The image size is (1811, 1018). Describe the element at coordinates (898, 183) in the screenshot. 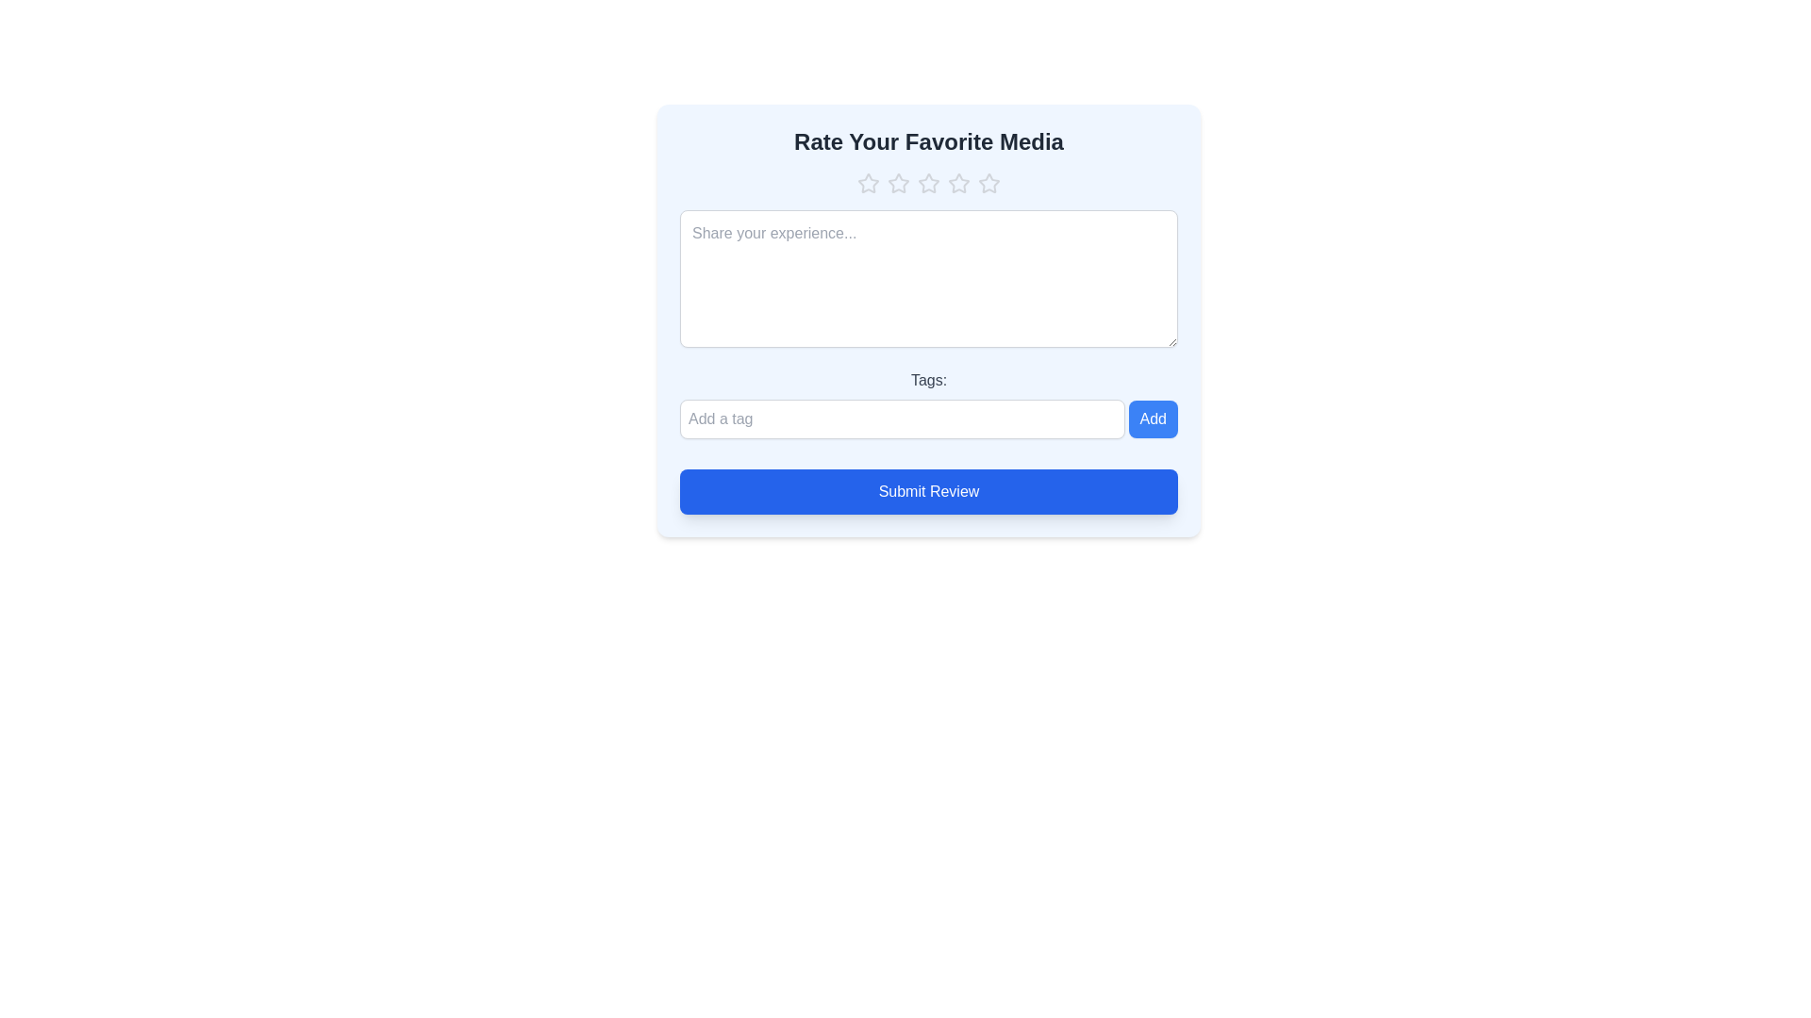

I see `the second star-shaped icon in the rating section under 'Rate Your Favorite Media'` at that location.